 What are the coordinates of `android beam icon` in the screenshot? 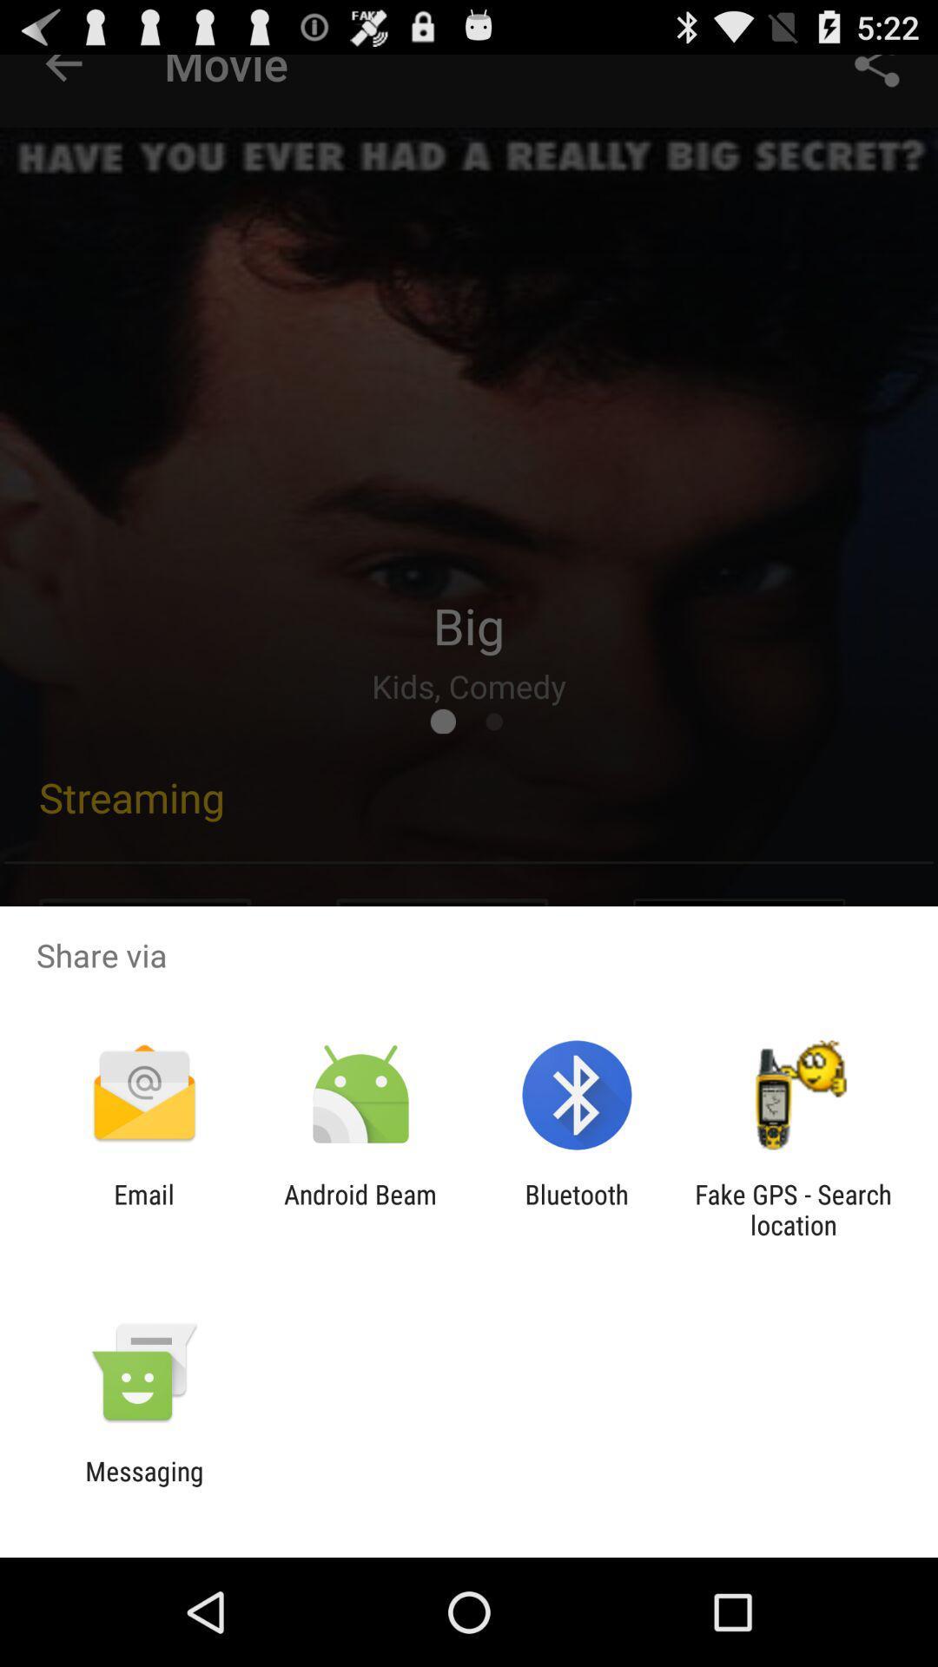 It's located at (360, 1209).